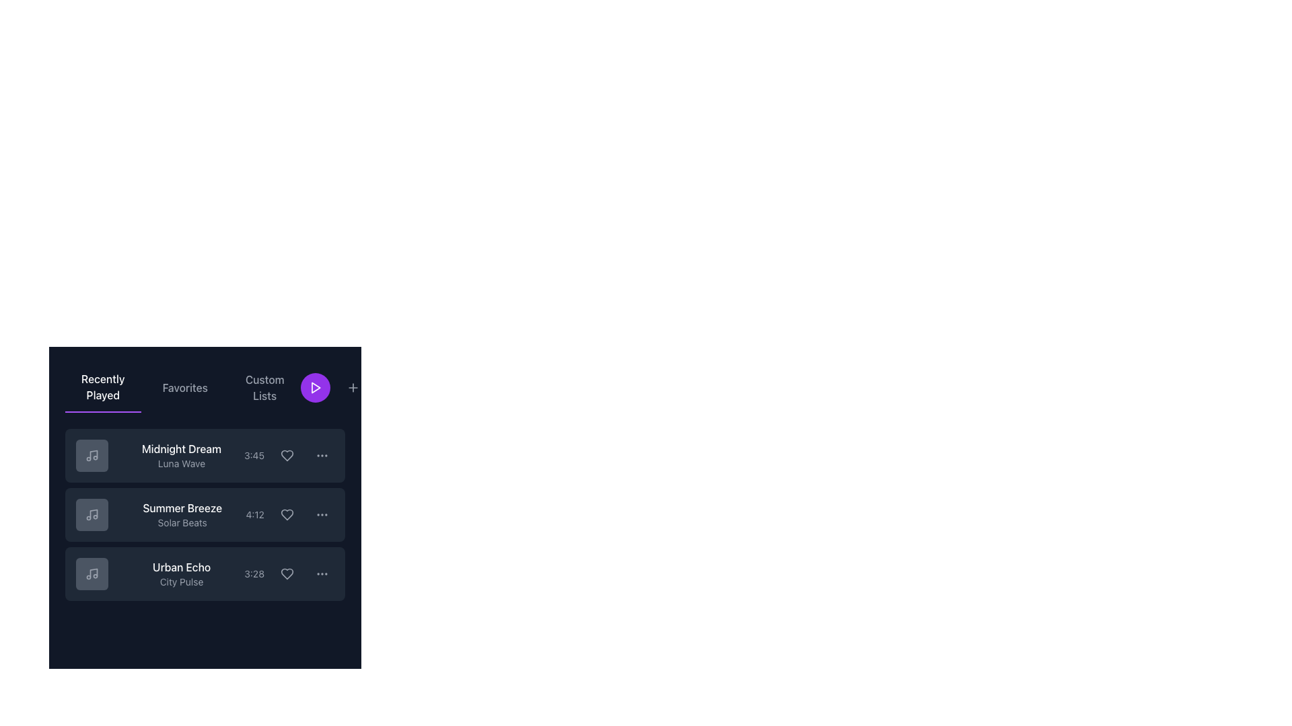 Image resolution: width=1292 pixels, height=726 pixels. I want to click on the Text label displaying the duration of the track 'Summer Breeze', located in the middle right of the track's listing, between the track's name and the interactive controls, so click(255, 514).